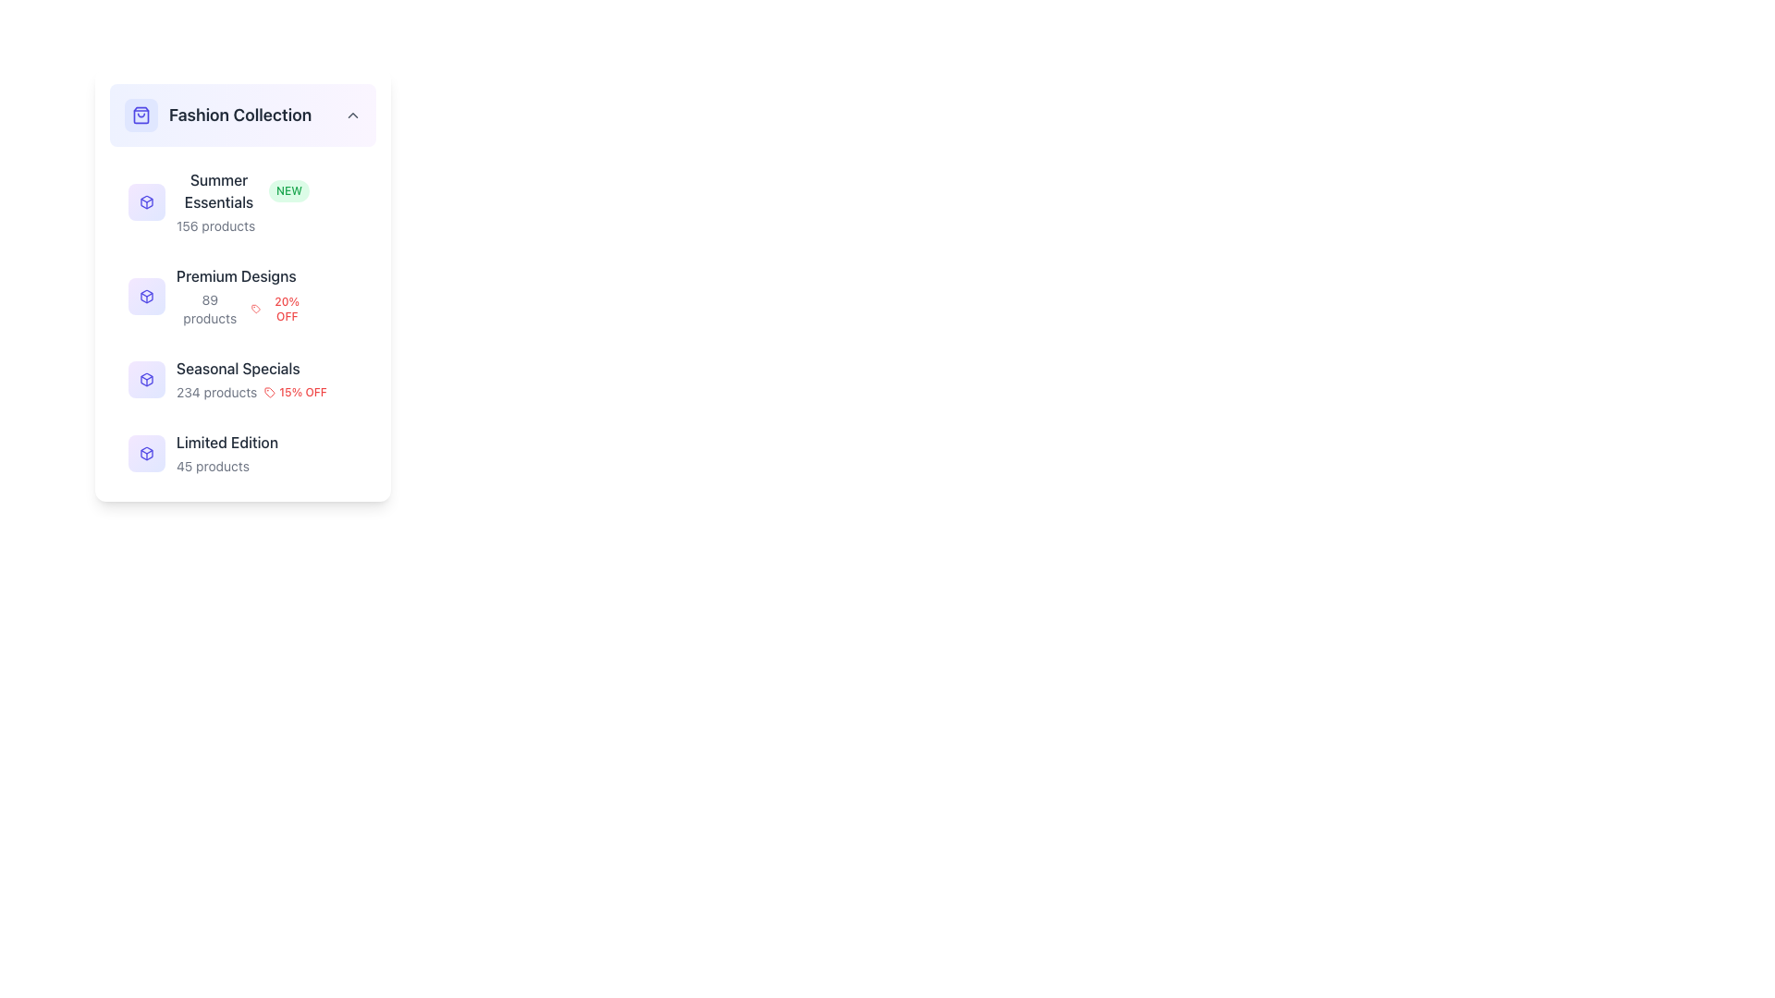 The height and width of the screenshot is (998, 1775). I want to click on the 'NEW' badge attached to the 'Summer Essentials' text label in the 'Fashion Collection' section to potentially reveal more details, so click(242, 191).